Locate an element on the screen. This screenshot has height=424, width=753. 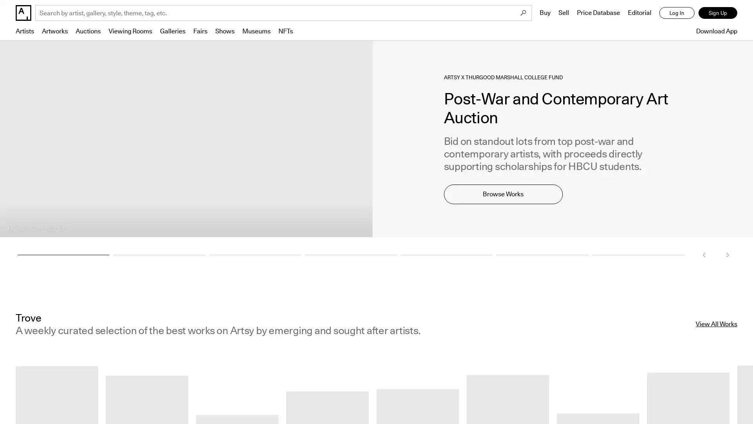
Download App is located at coordinates (715, 31).